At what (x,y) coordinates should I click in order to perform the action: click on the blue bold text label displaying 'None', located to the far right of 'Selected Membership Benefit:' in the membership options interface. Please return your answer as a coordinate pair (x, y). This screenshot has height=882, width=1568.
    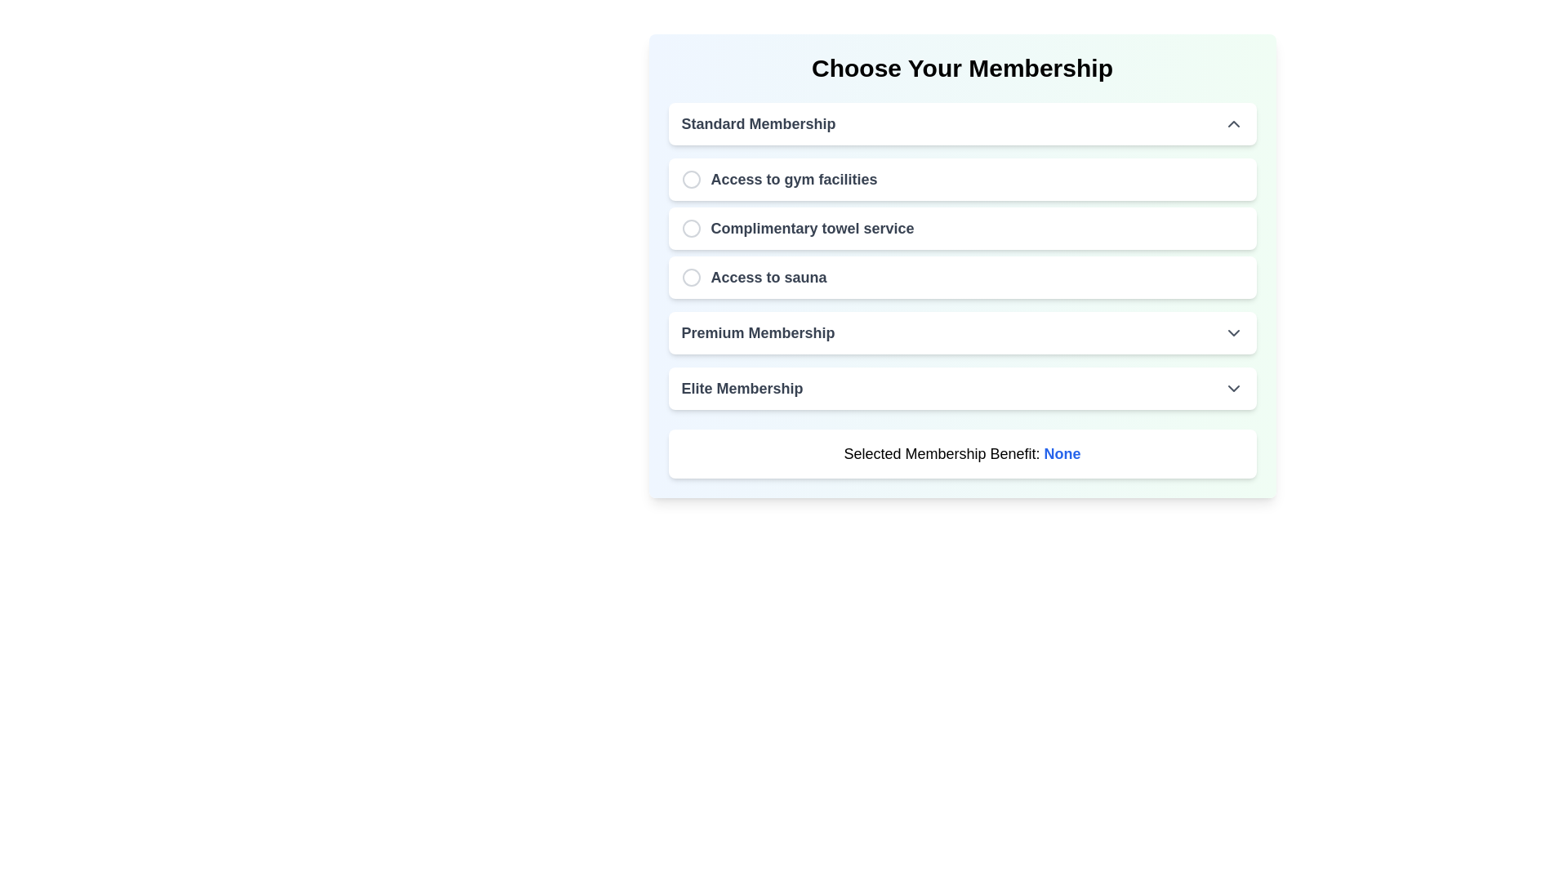
    Looking at the image, I should click on (1062, 453).